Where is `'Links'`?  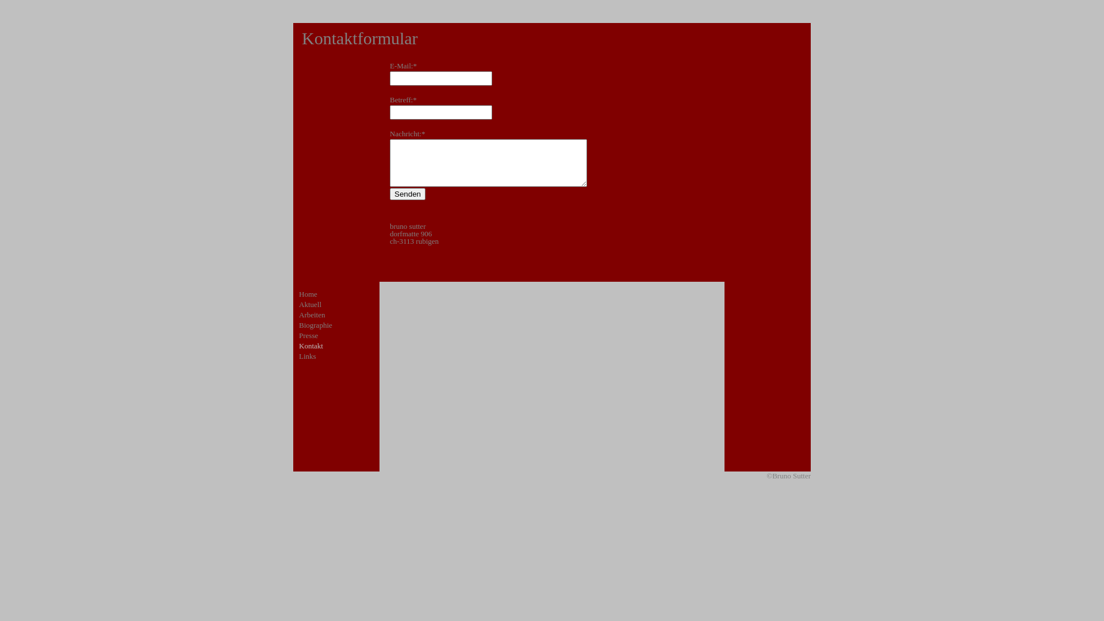 'Links' is located at coordinates (307, 355).